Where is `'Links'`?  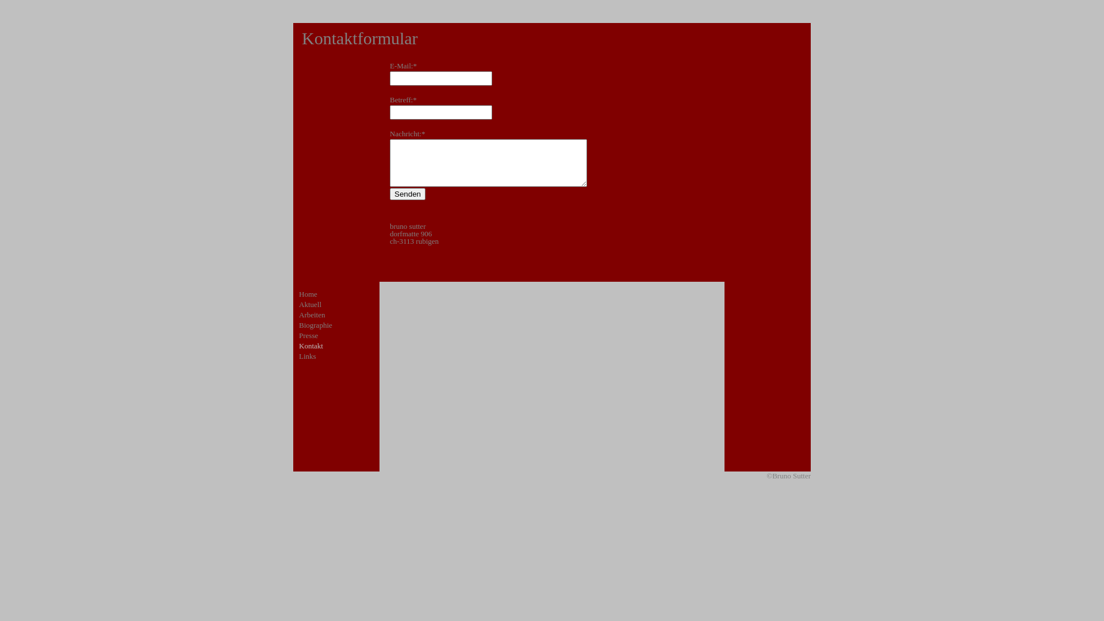 'Links' is located at coordinates (307, 355).